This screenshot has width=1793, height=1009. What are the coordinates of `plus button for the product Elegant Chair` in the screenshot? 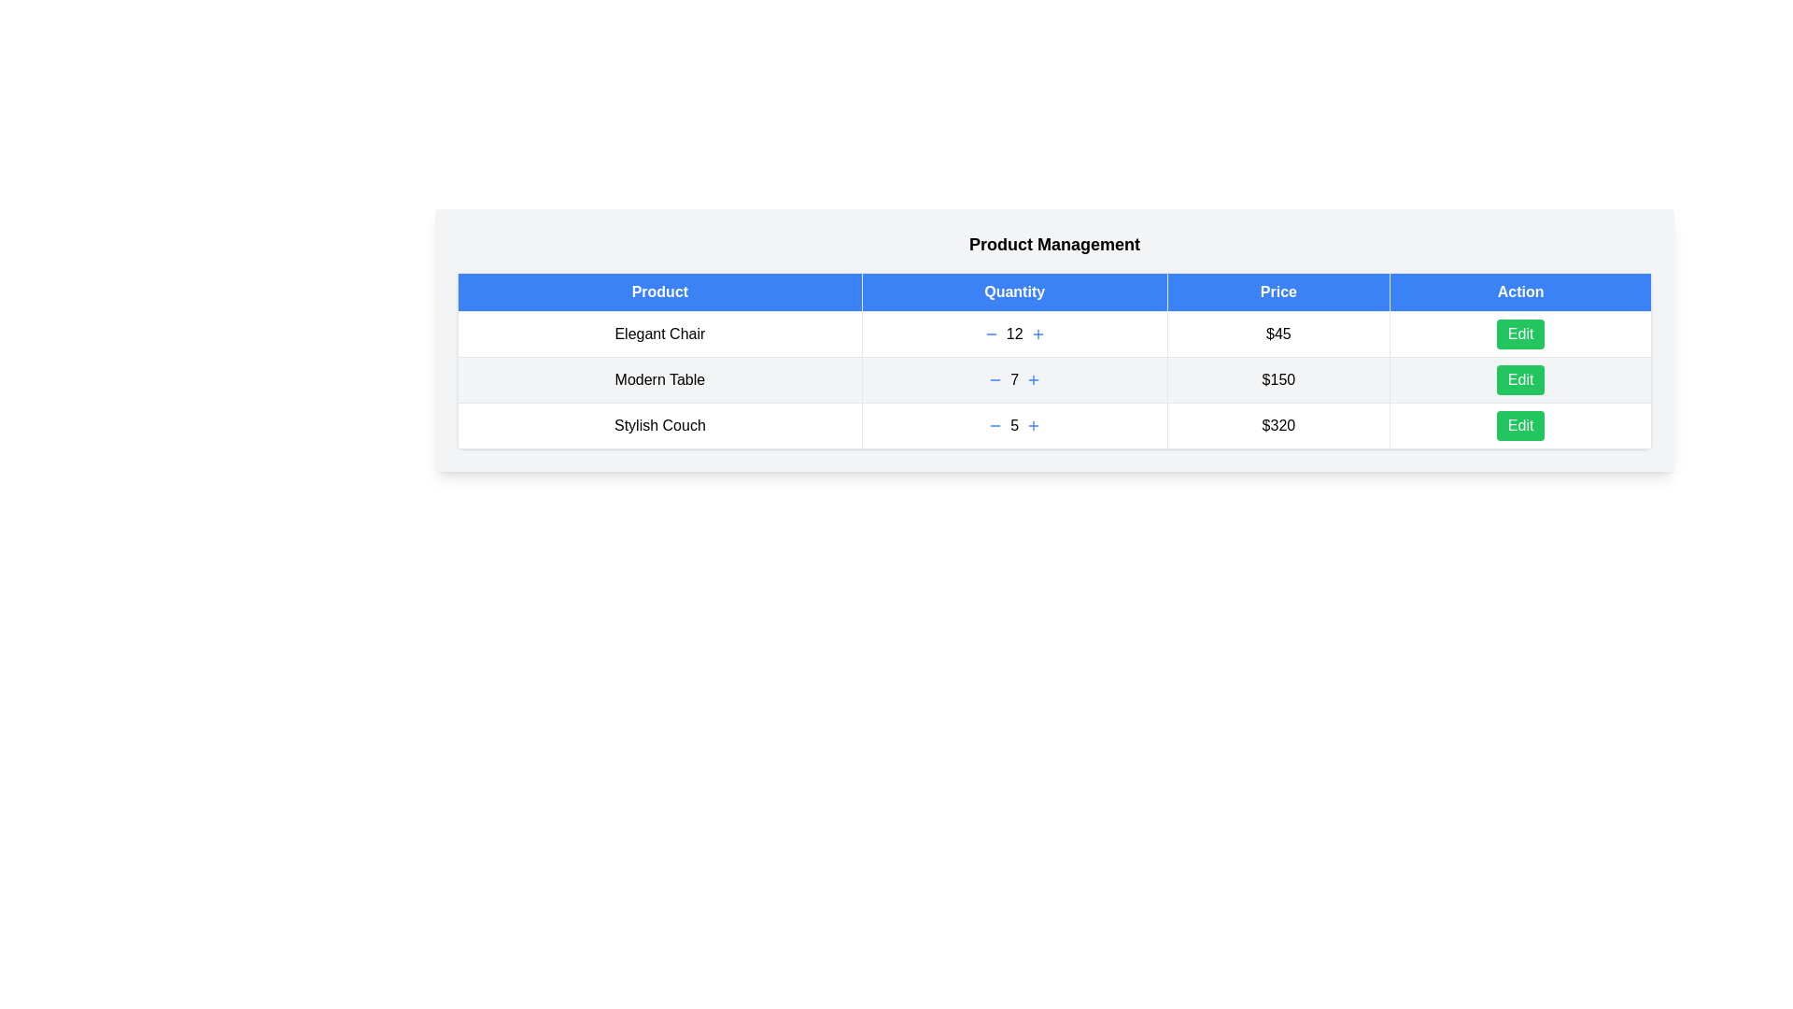 It's located at (1037, 334).